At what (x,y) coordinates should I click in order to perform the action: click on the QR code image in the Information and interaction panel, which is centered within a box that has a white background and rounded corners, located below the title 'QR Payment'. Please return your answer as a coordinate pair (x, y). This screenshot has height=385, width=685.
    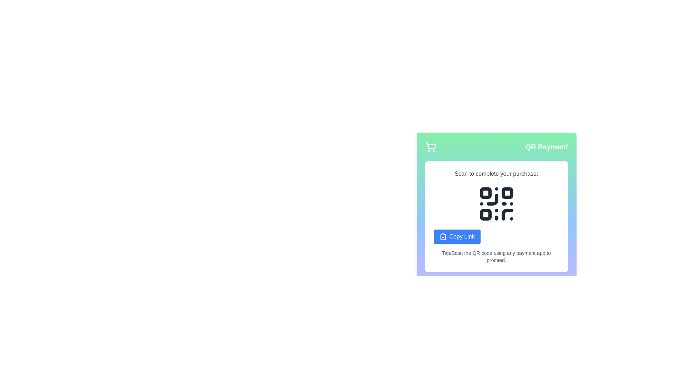
    Looking at the image, I should click on (496, 216).